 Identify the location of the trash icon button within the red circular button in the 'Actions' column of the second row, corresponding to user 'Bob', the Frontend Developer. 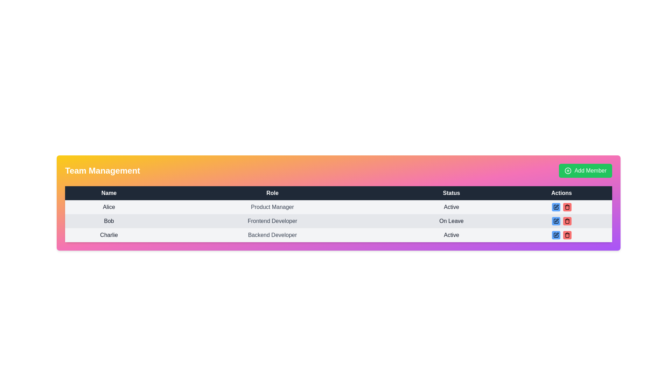
(567, 235).